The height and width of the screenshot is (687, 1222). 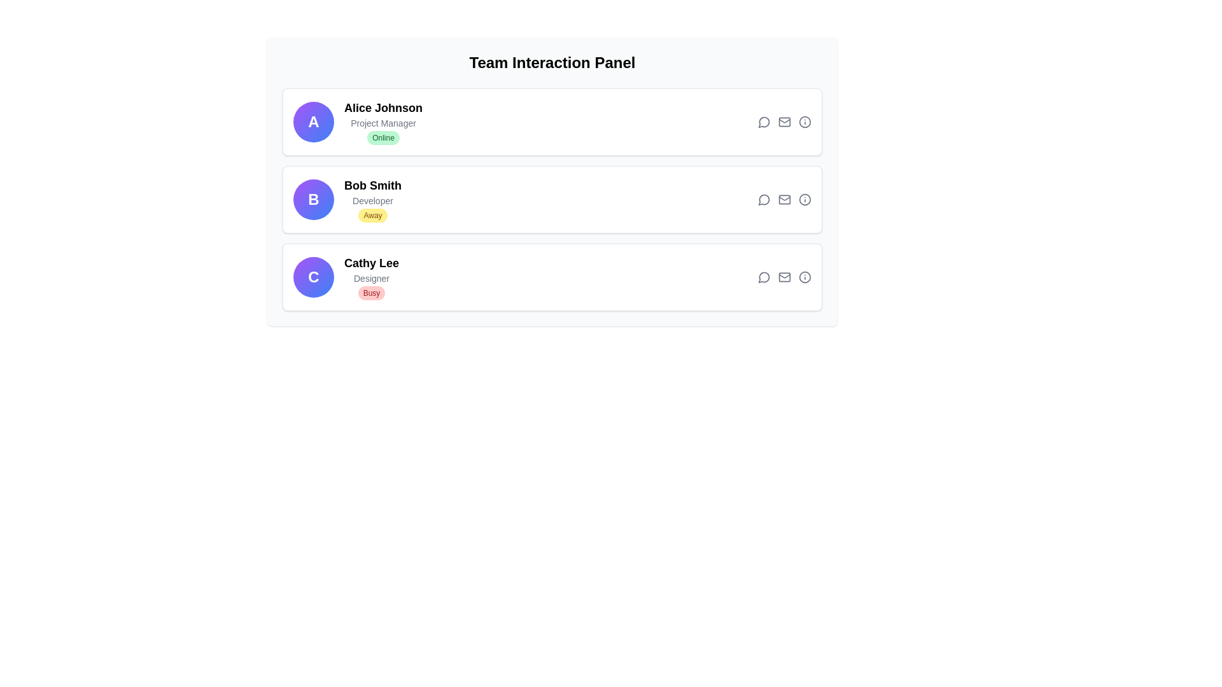 What do you see at coordinates (764, 122) in the screenshot?
I see `the circular speech bubble icon in the top-right corner of the card for 'Alice Johnson'` at bounding box center [764, 122].